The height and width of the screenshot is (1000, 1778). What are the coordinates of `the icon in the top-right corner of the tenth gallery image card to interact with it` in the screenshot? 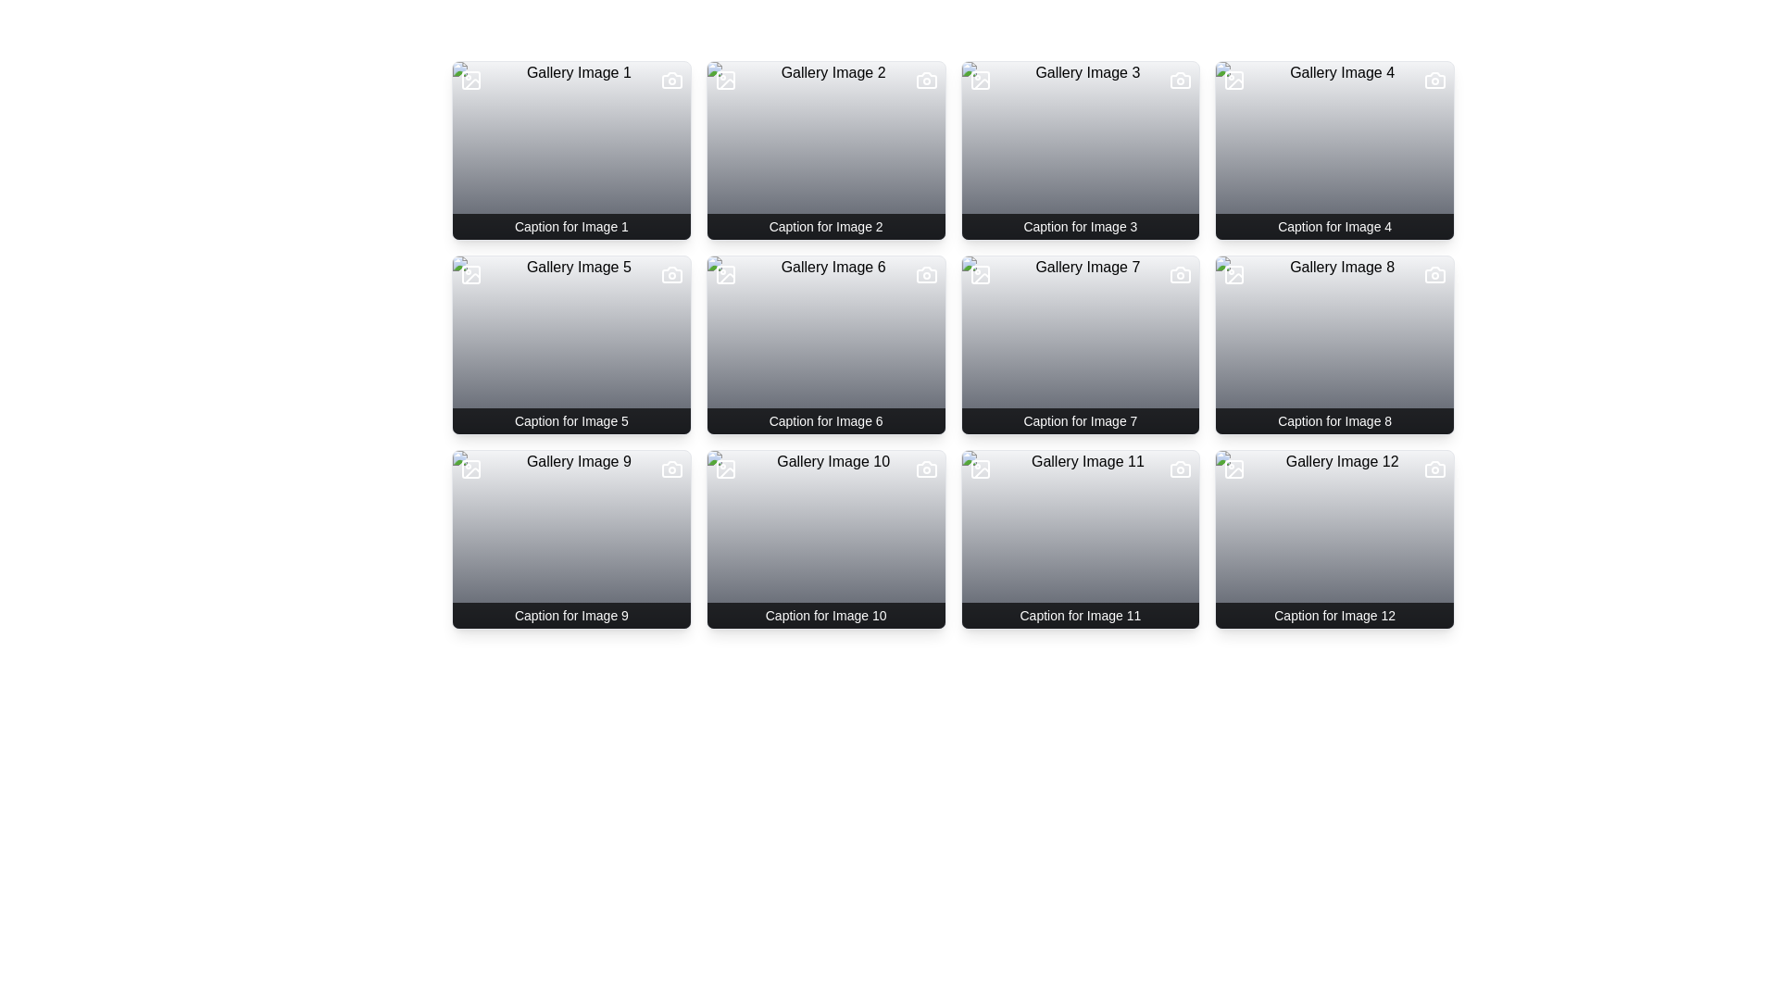 It's located at (926, 468).